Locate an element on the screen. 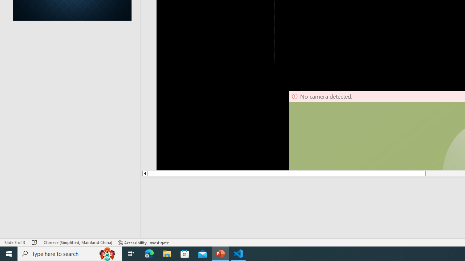 Image resolution: width=465 pixels, height=261 pixels. 'Accessibility Checker Accessibility: Investigate' is located at coordinates (143, 243).